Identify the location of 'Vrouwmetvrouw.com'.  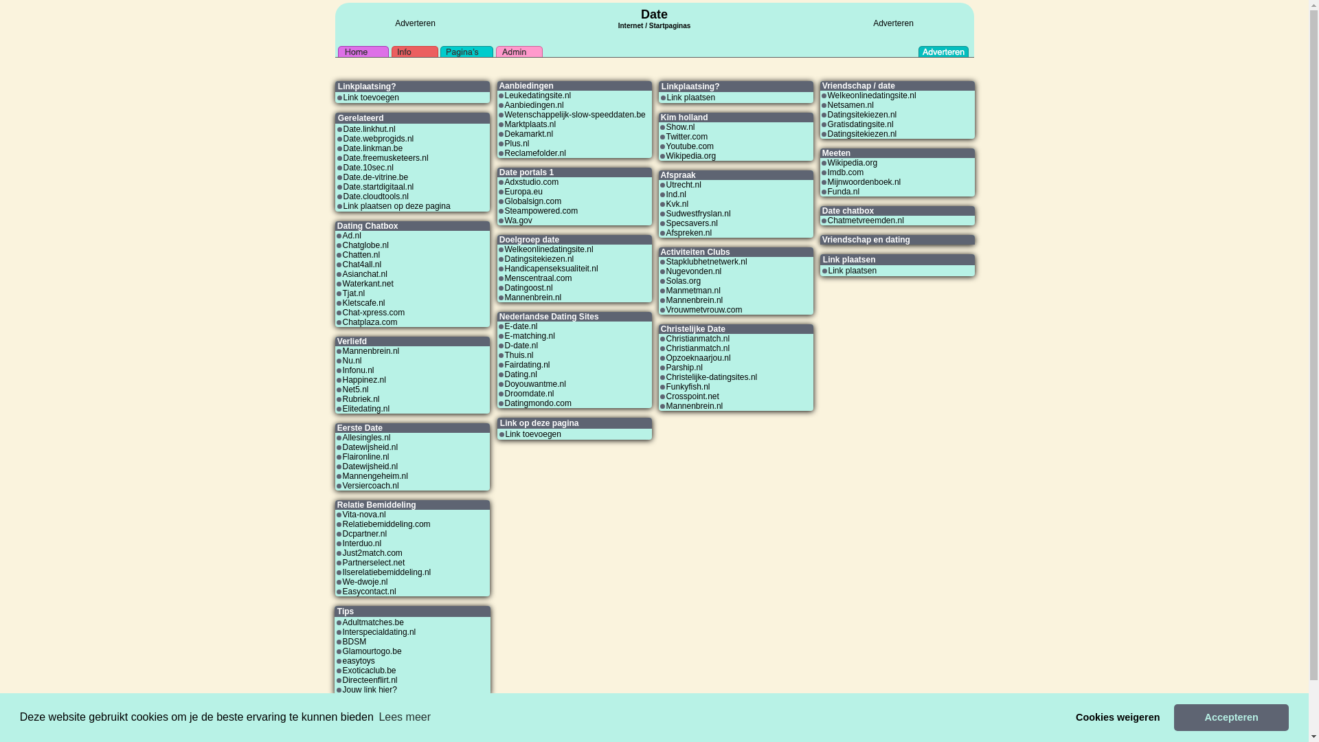
(666, 310).